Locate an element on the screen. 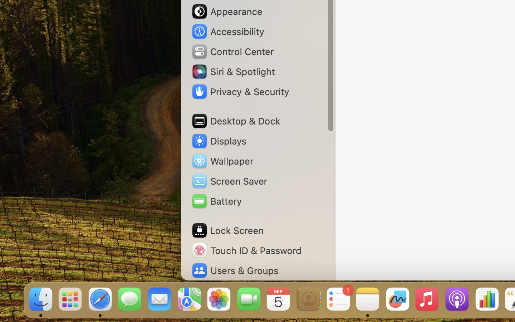 This screenshot has width=515, height=322. 'Desktop & Dock' is located at coordinates (235, 121).